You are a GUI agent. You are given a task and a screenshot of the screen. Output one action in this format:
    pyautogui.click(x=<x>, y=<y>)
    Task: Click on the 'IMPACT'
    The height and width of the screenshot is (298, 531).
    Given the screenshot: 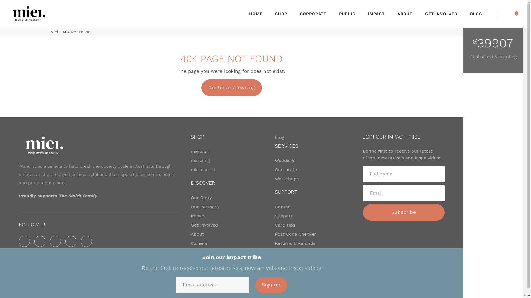 What is the action you would take?
    pyautogui.click(x=376, y=14)
    